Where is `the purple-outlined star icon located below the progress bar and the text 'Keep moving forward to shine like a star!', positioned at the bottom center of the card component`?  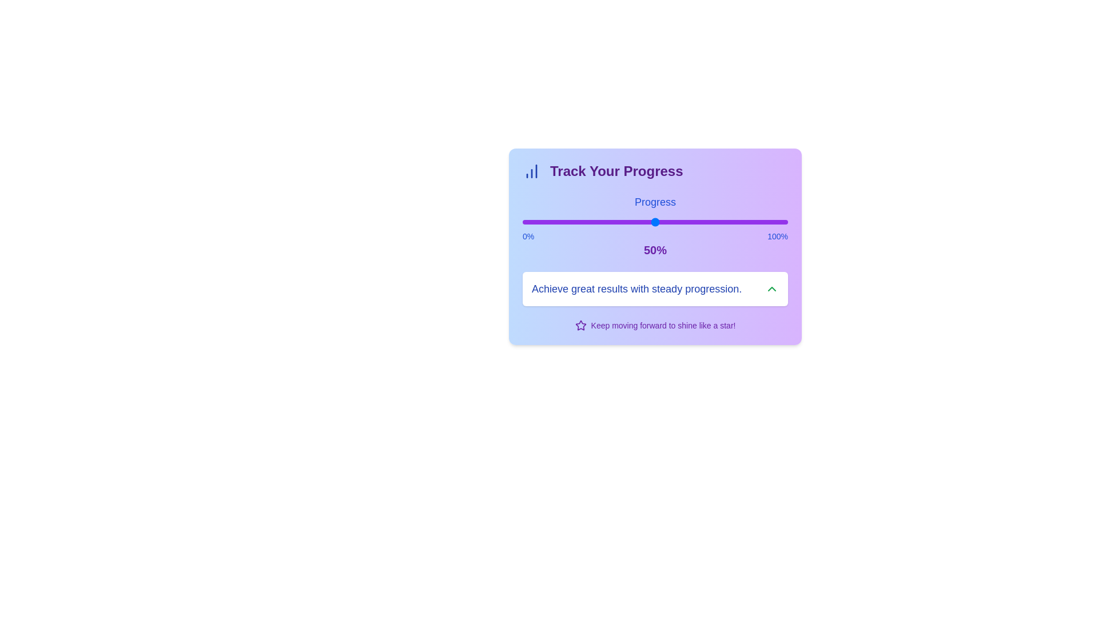 the purple-outlined star icon located below the progress bar and the text 'Keep moving forward to shine like a star!', positioned at the bottom center of the card component is located at coordinates (580, 325).